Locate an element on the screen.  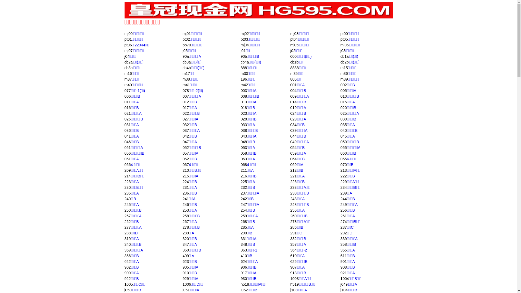
'610' is located at coordinates (293, 256).